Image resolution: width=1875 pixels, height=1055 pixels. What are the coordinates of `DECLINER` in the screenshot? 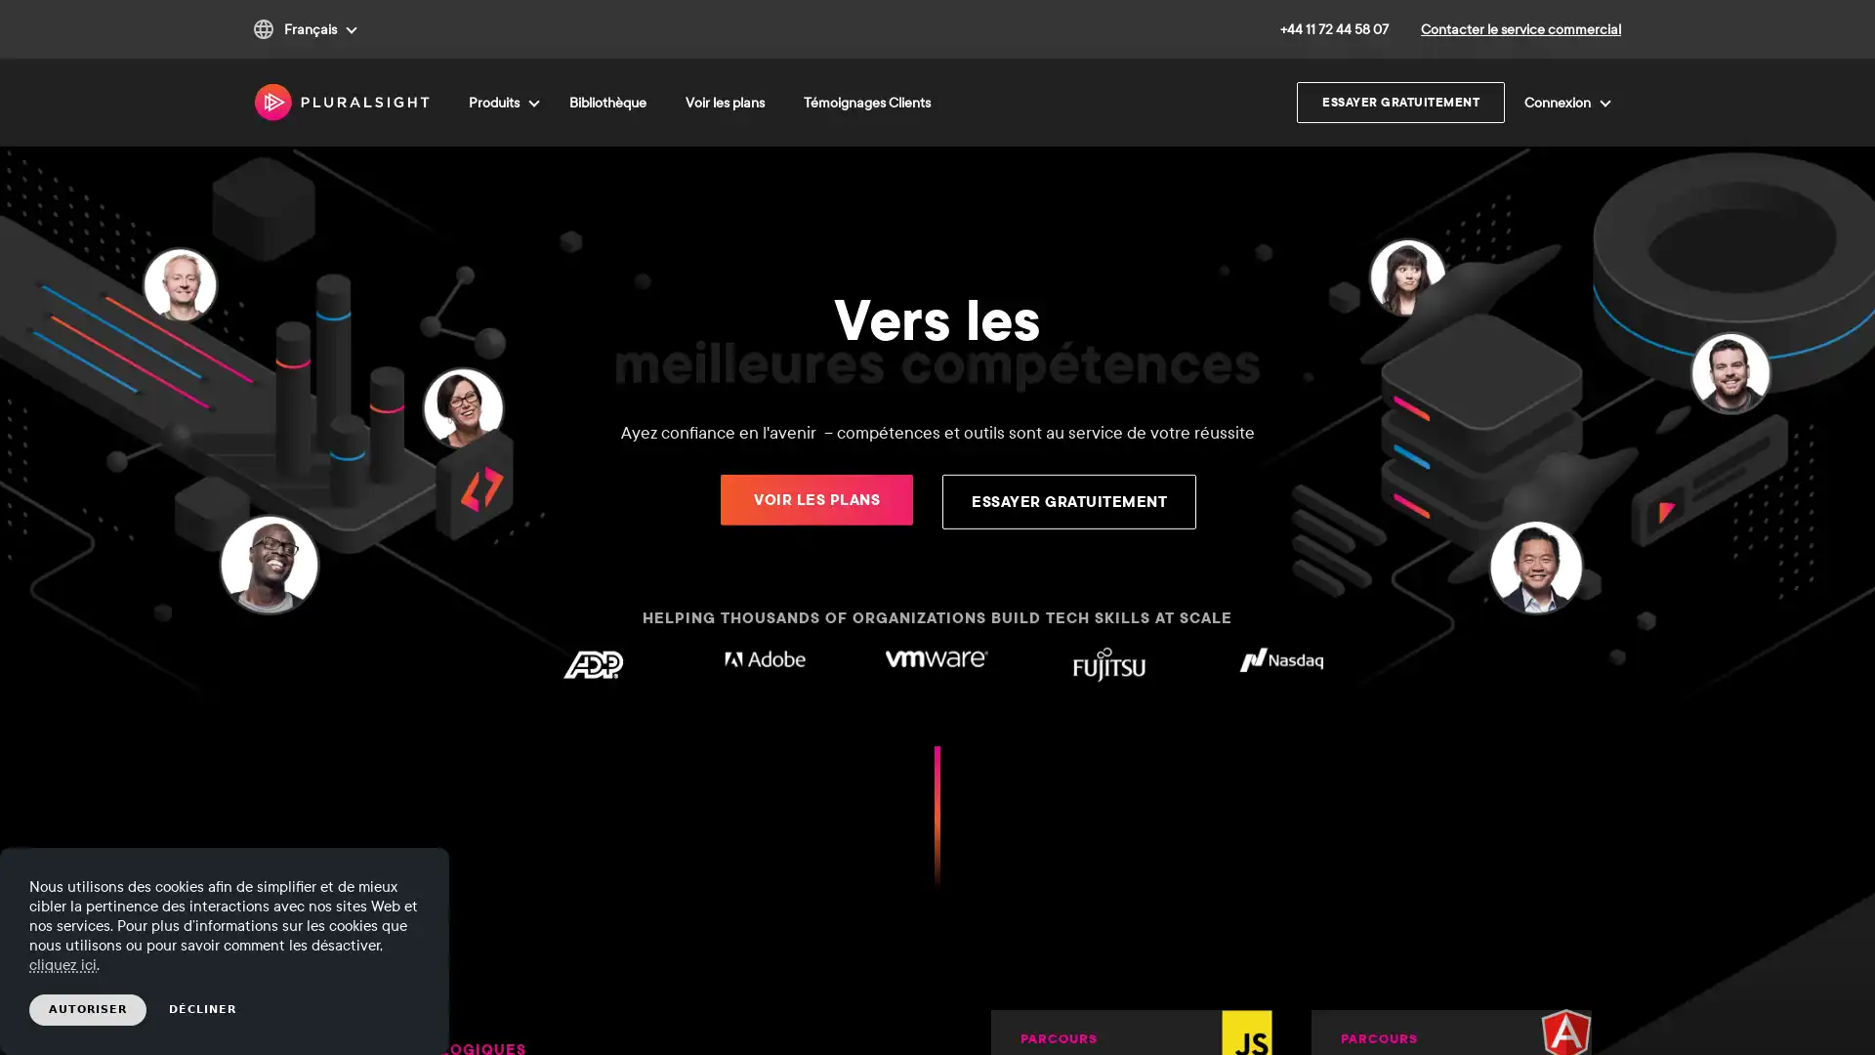 It's located at (202, 1009).